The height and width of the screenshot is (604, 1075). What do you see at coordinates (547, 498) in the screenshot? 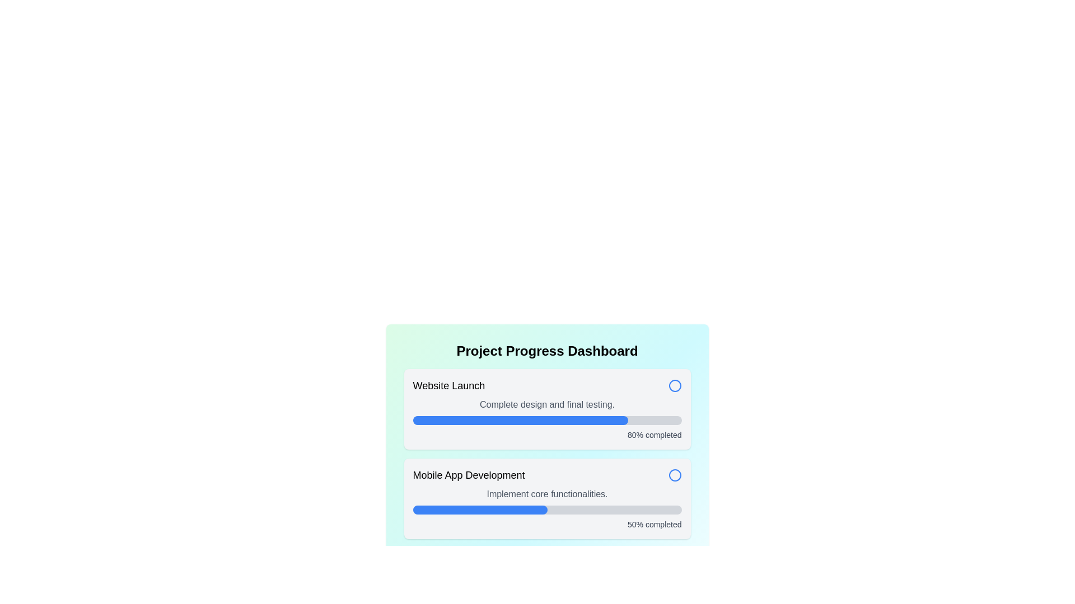
I see `the Progress Tracker Section for 'Mobile App Development', which includes a title, a progress bar at 50%, and a subtitle. This element is the second tracker in the 'Project Progress Dashboard'` at bounding box center [547, 498].